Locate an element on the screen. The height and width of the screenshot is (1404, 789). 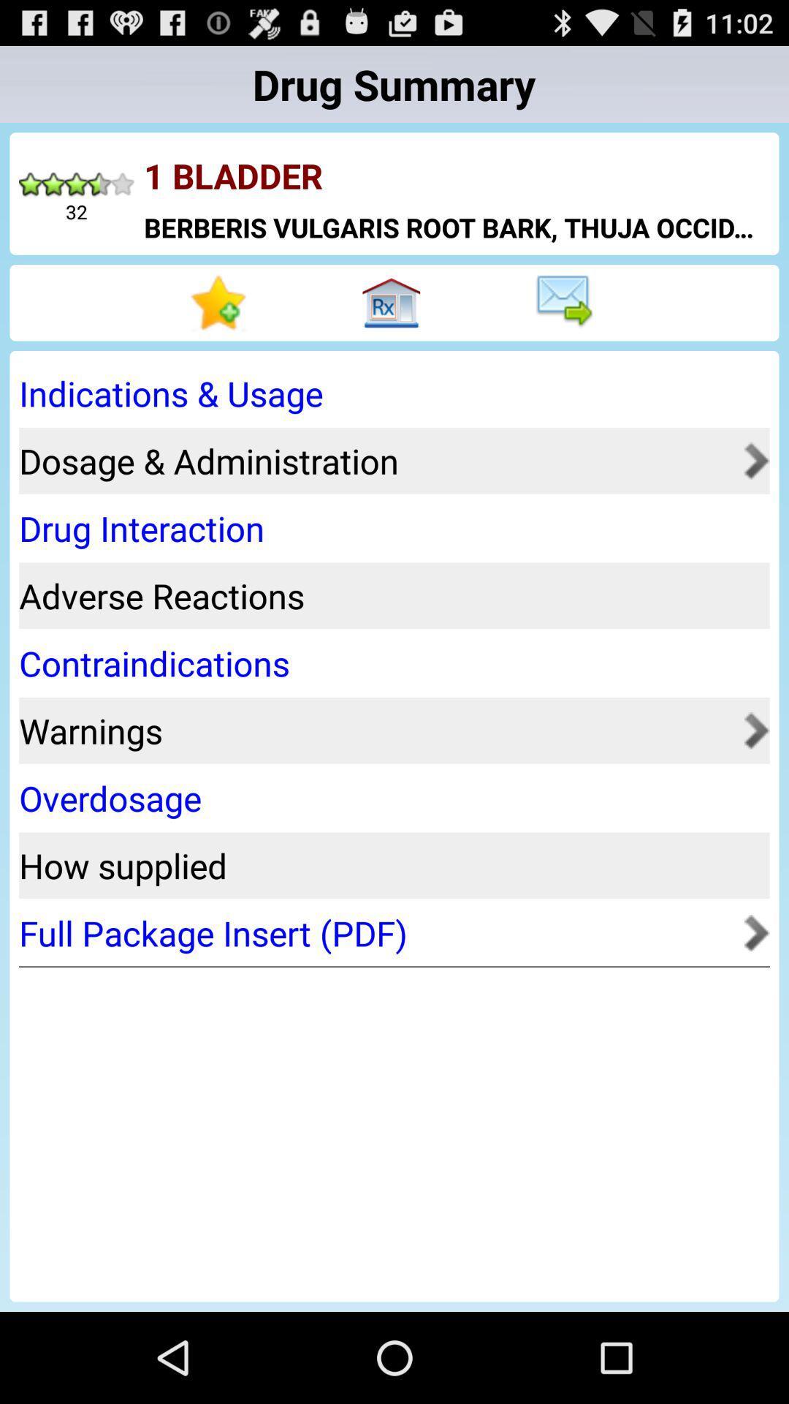
dosage & administration item is located at coordinates (376, 460).